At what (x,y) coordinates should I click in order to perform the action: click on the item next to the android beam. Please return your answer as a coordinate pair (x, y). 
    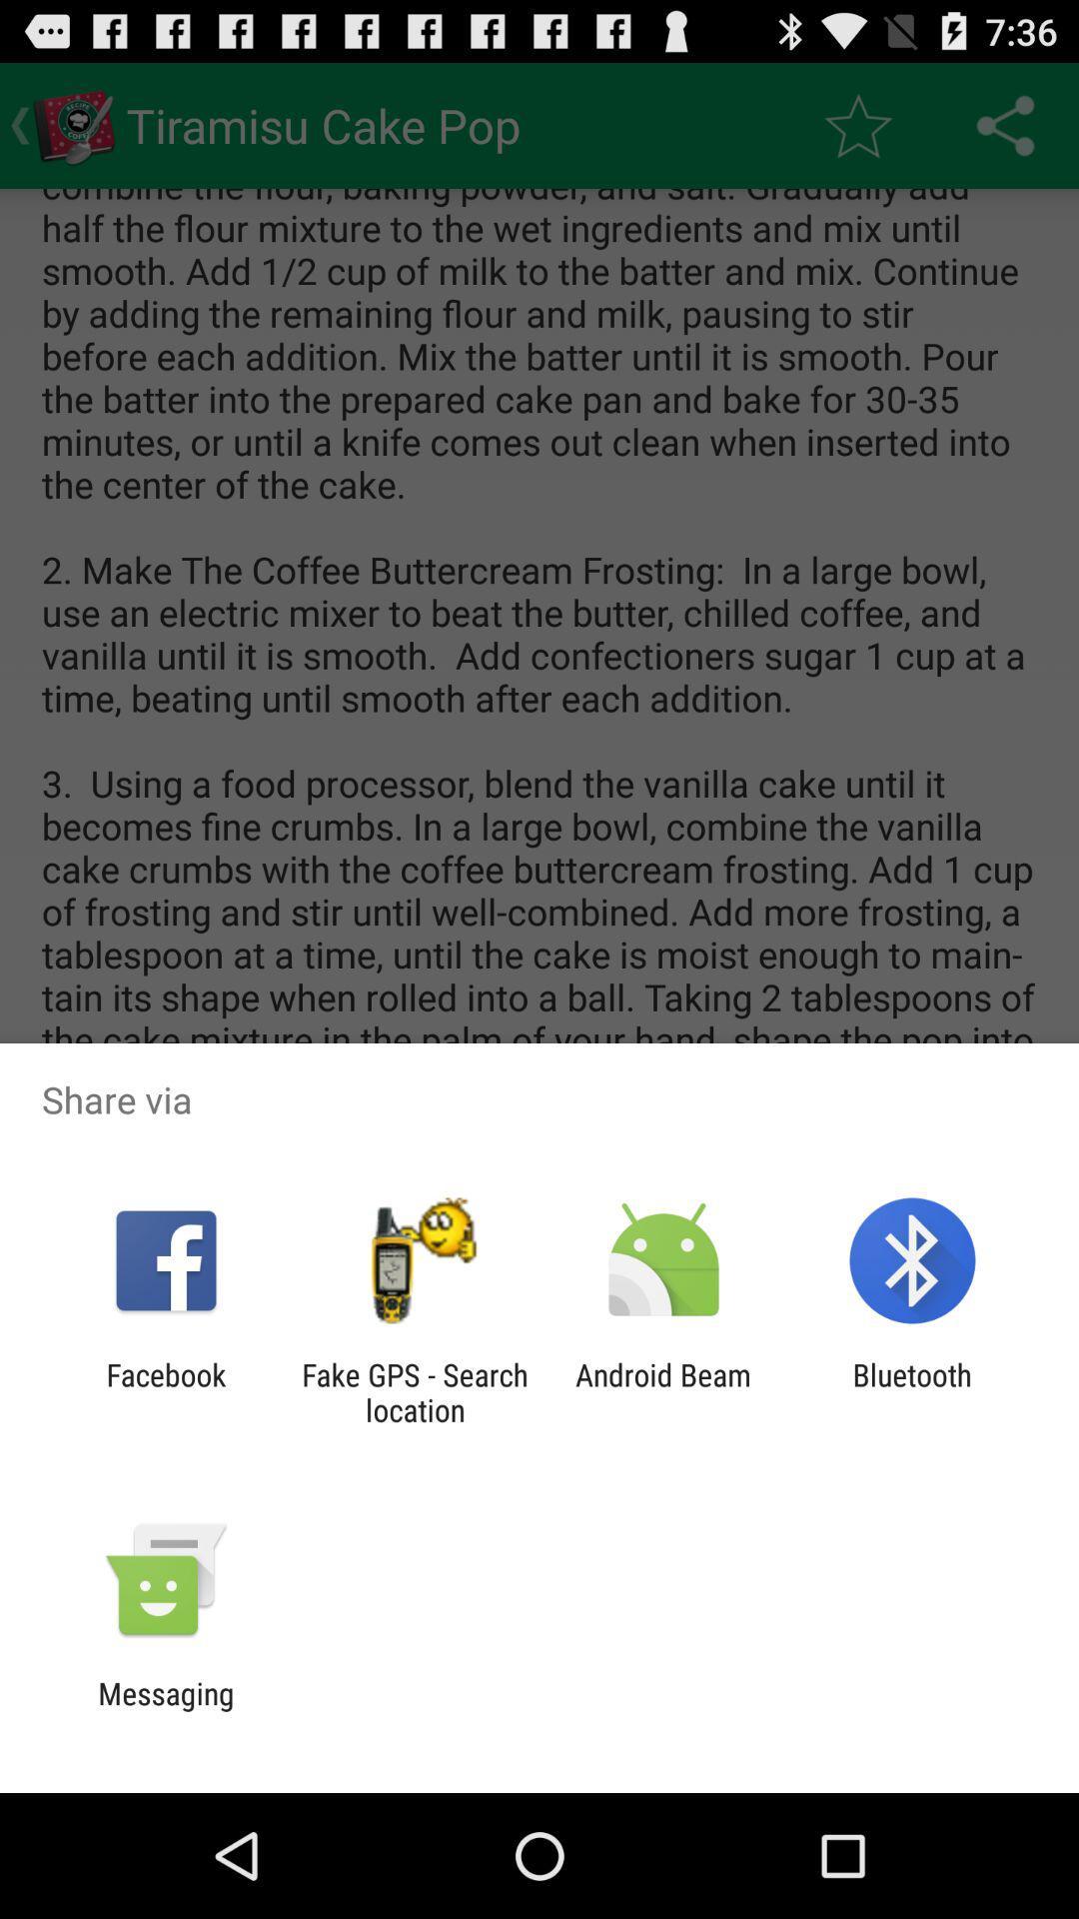
    Looking at the image, I should click on (912, 1391).